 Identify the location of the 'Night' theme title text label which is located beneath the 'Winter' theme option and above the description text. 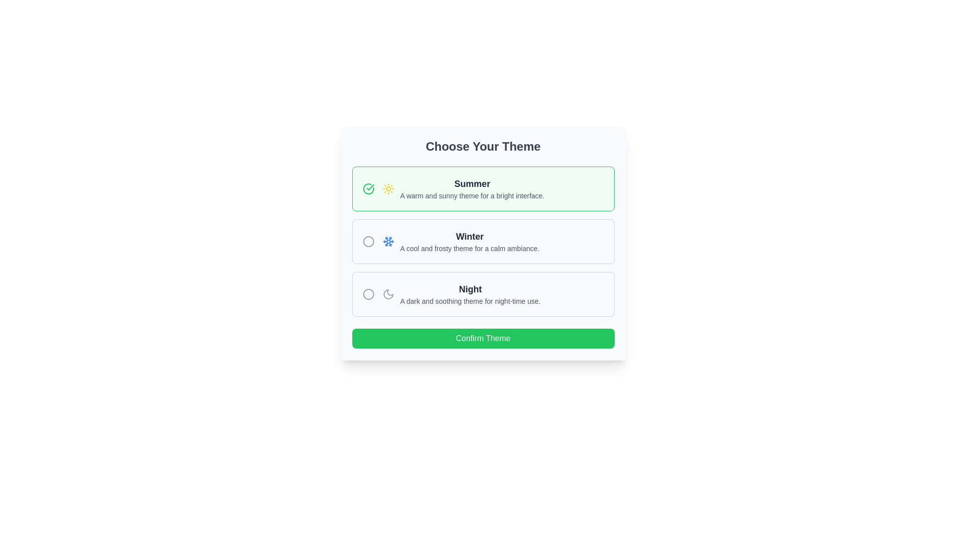
(470, 289).